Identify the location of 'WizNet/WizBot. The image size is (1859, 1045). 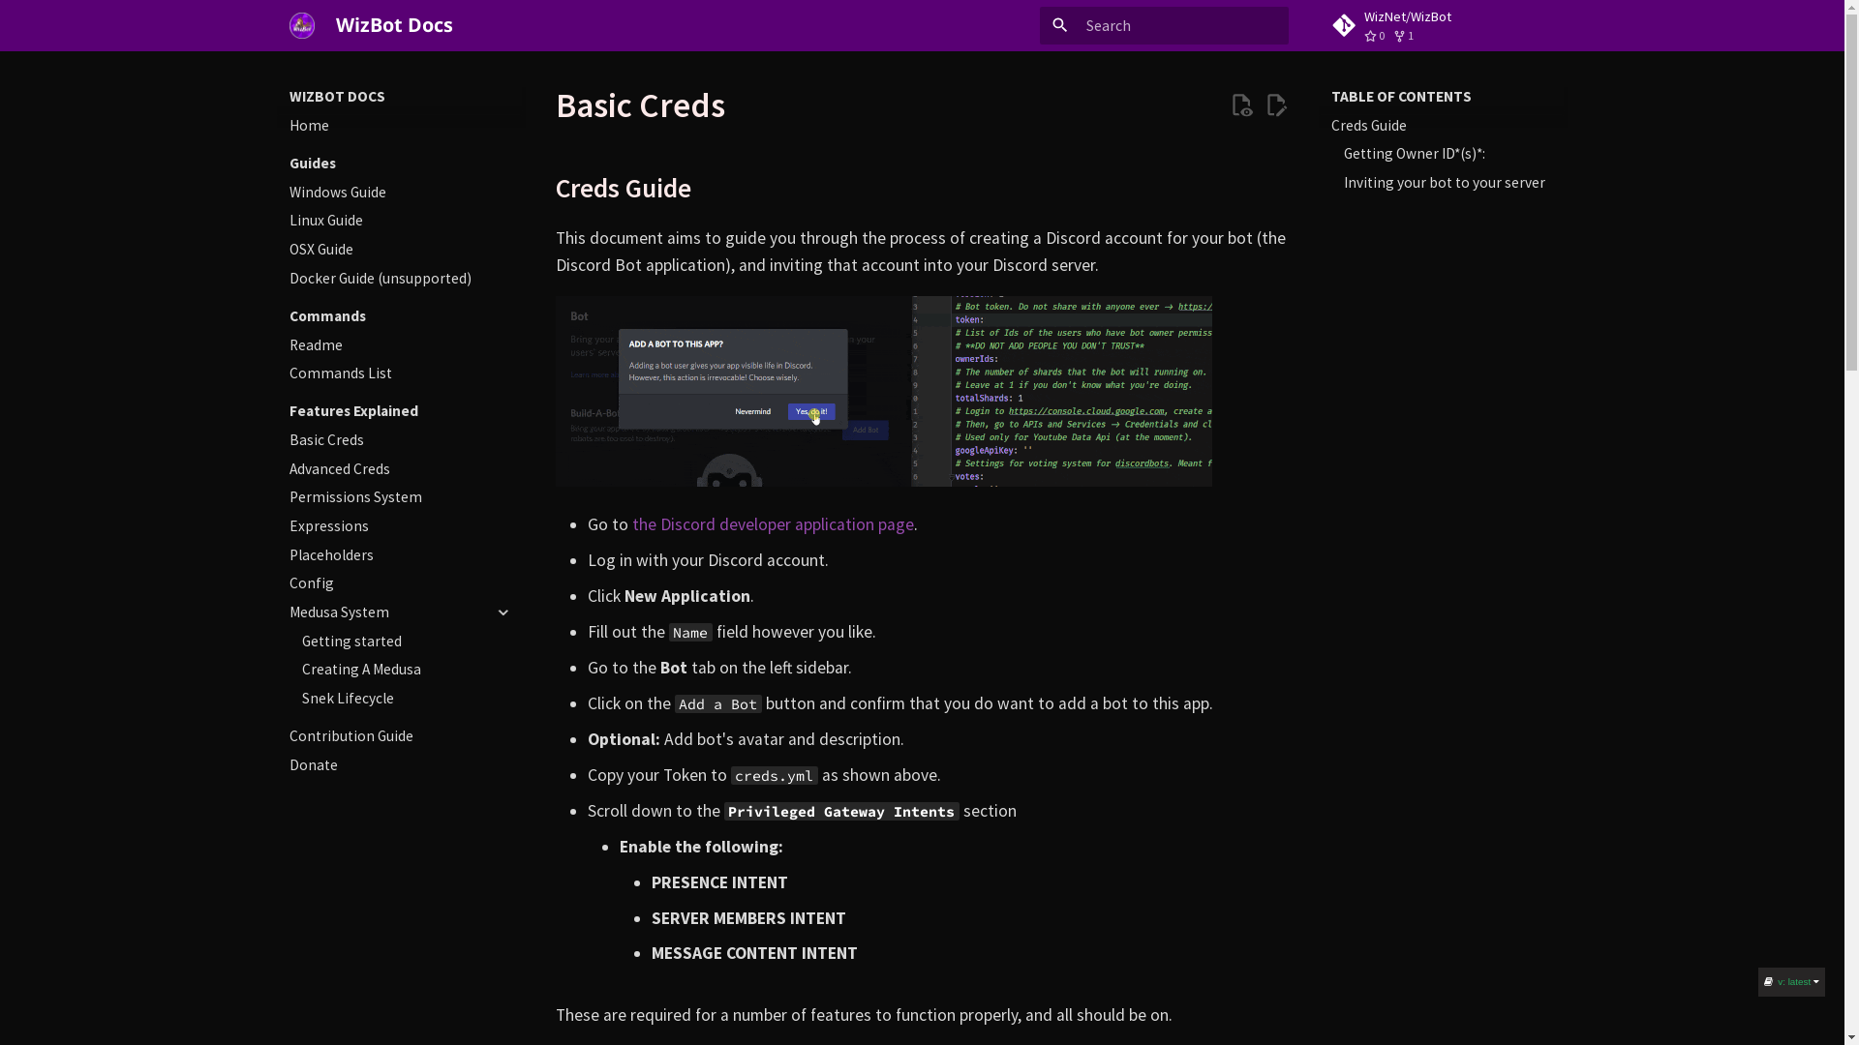
(1443, 25).